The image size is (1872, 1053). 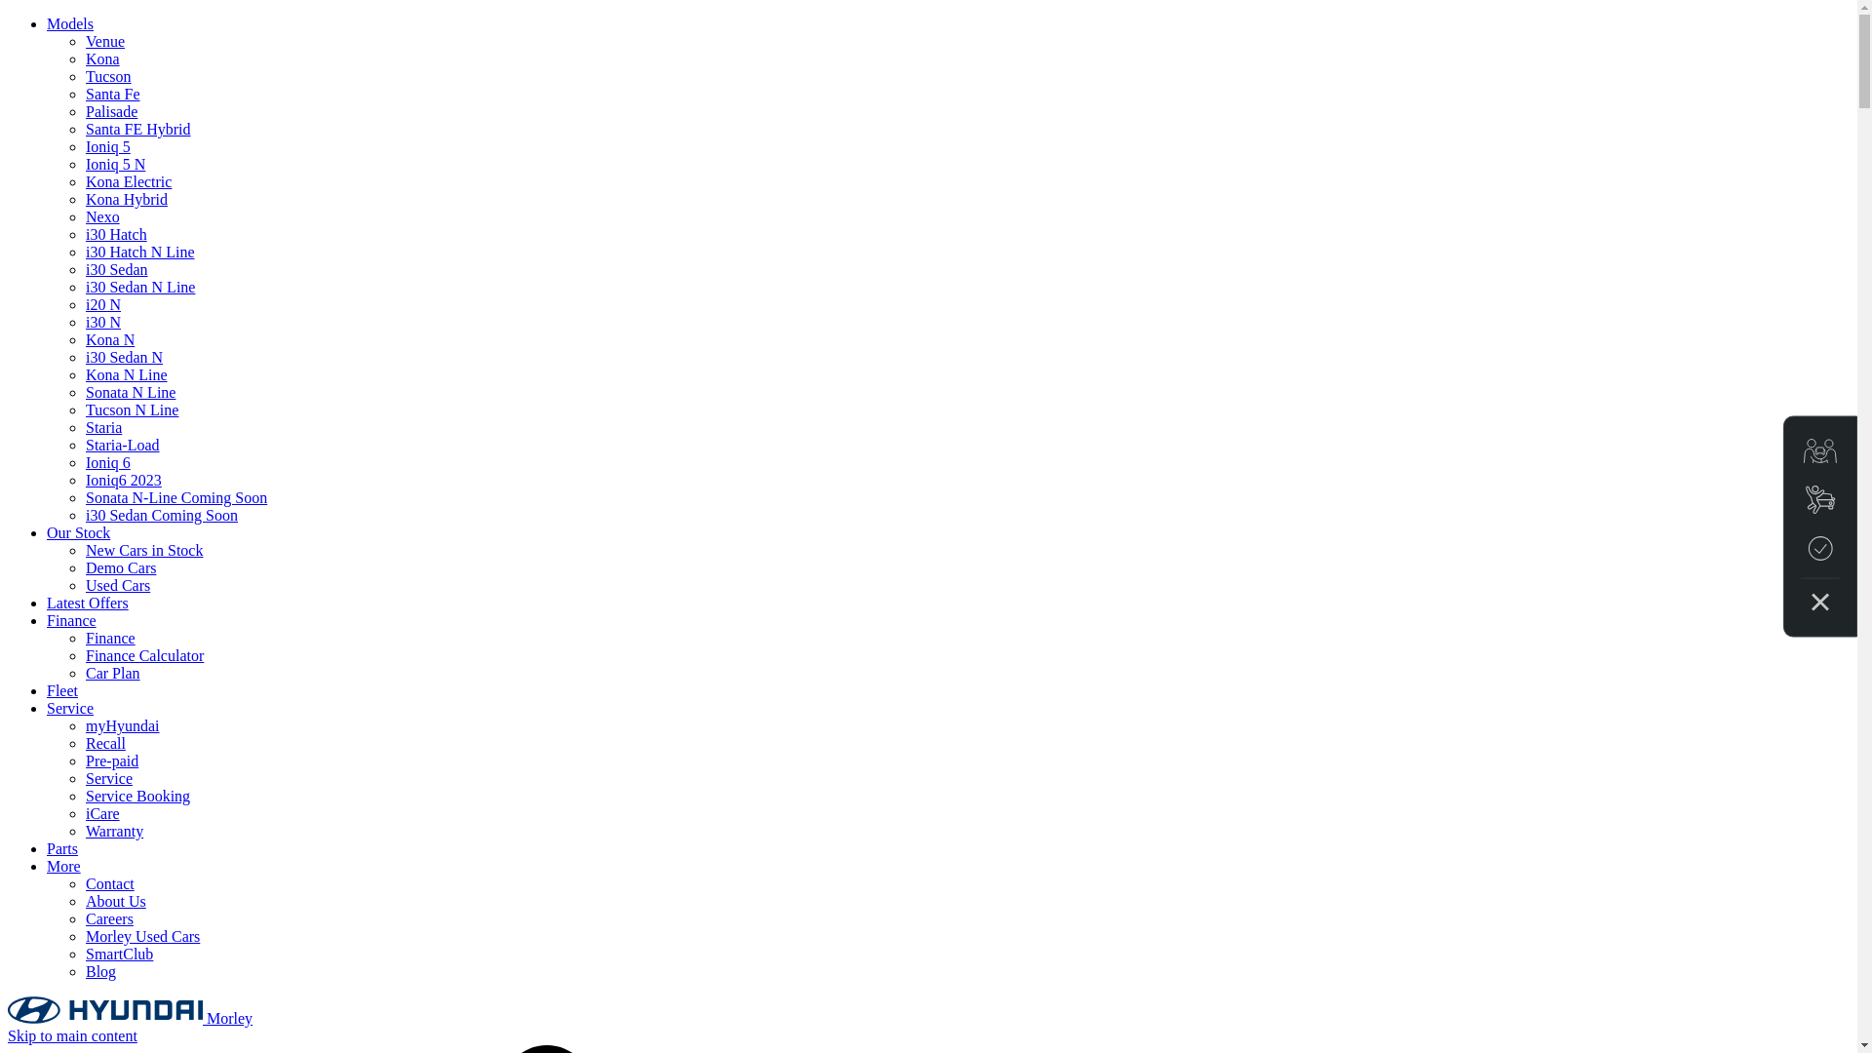 What do you see at coordinates (61, 847) in the screenshot?
I see `'Parts'` at bounding box center [61, 847].